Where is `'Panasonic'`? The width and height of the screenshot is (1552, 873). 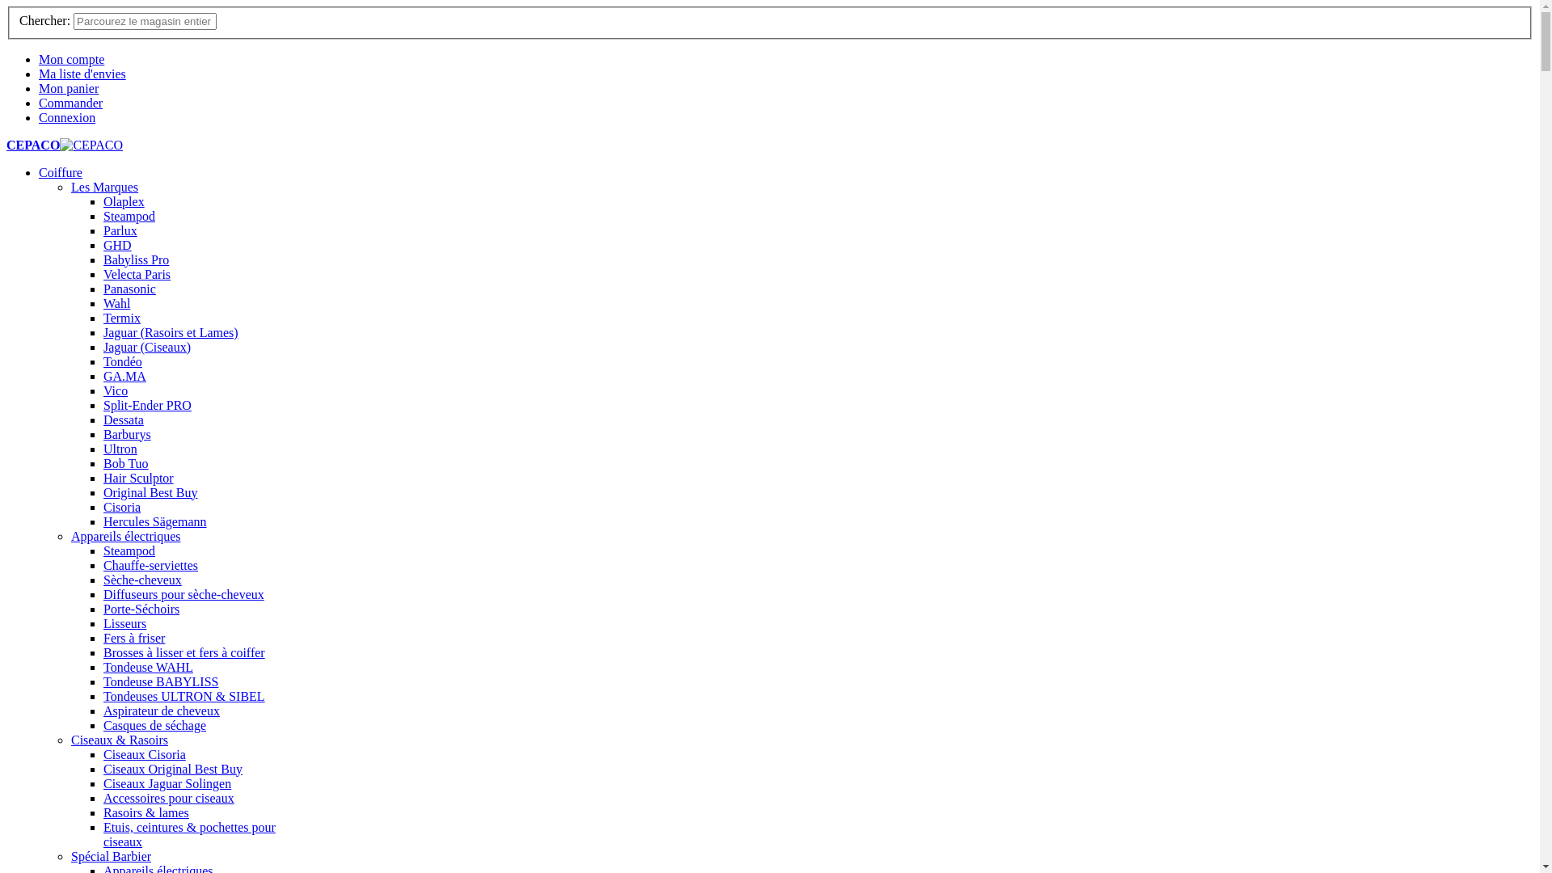
'Panasonic' is located at coordinates (129, 288).